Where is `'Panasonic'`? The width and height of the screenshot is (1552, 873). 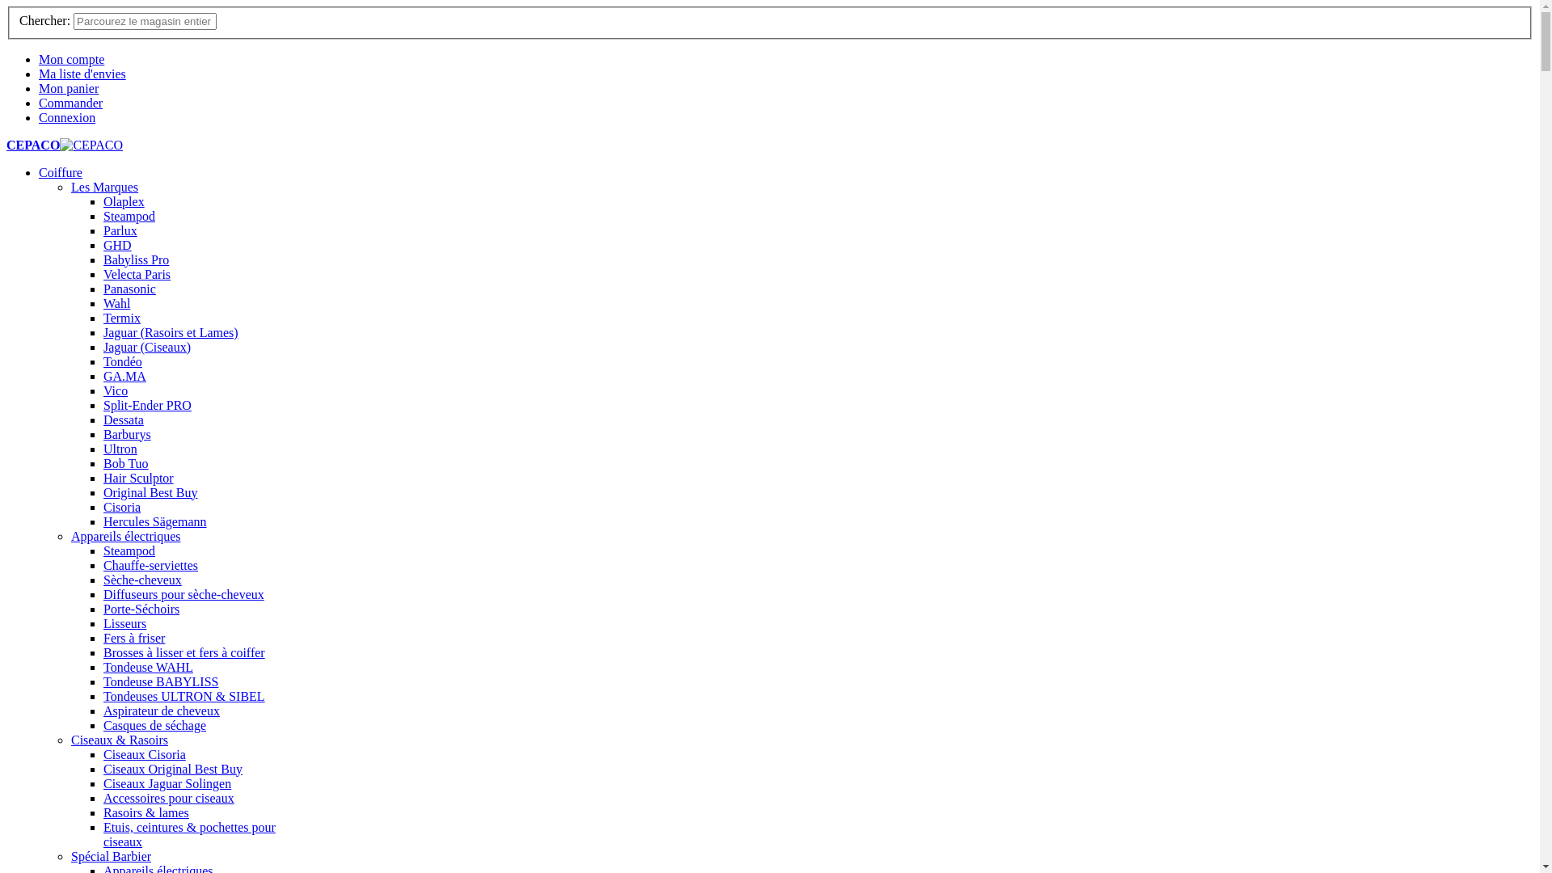
'Panasonic' is located at coordinates (129, 288).